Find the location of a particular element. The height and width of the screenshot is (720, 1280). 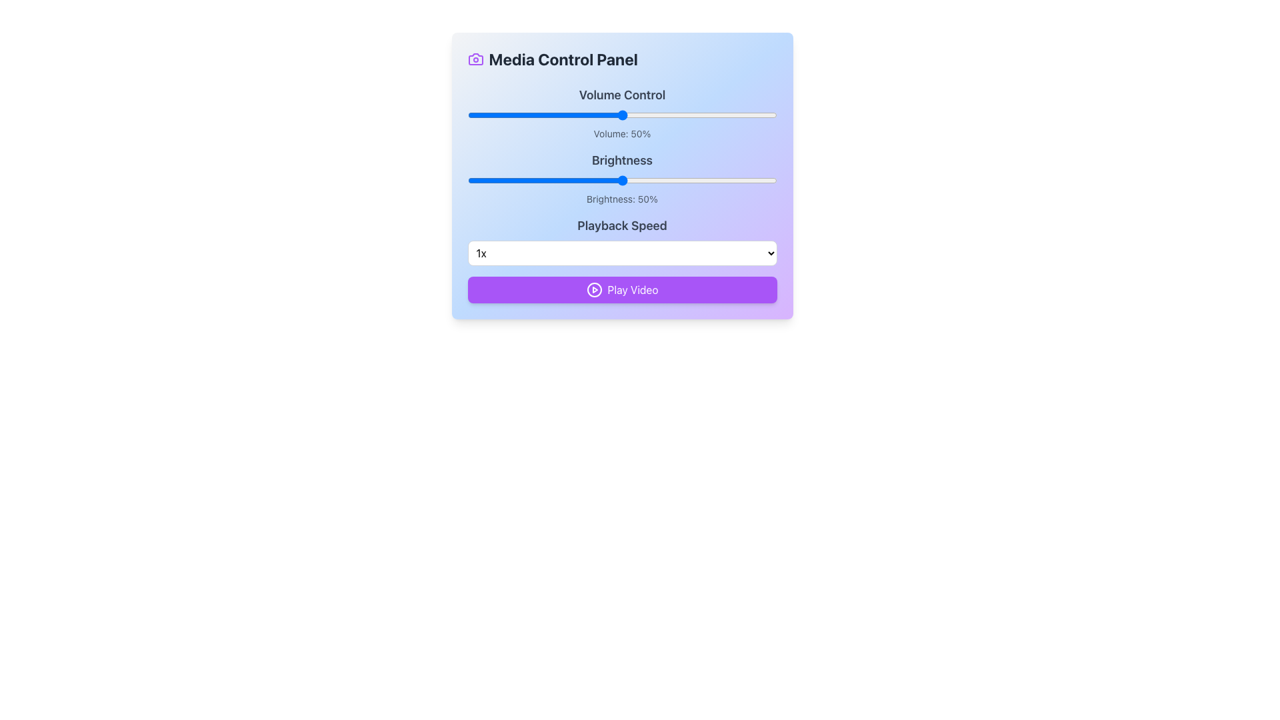

brightness is located at coordinates (582, 180).